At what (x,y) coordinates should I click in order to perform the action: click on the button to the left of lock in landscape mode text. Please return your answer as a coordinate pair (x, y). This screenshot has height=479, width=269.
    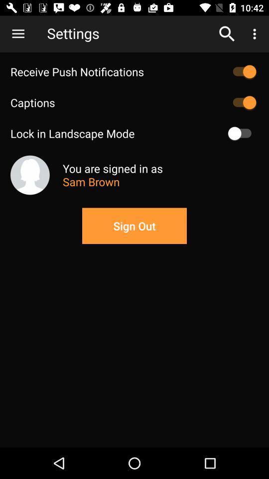
    Looking at the image, I should click on (242, 133).